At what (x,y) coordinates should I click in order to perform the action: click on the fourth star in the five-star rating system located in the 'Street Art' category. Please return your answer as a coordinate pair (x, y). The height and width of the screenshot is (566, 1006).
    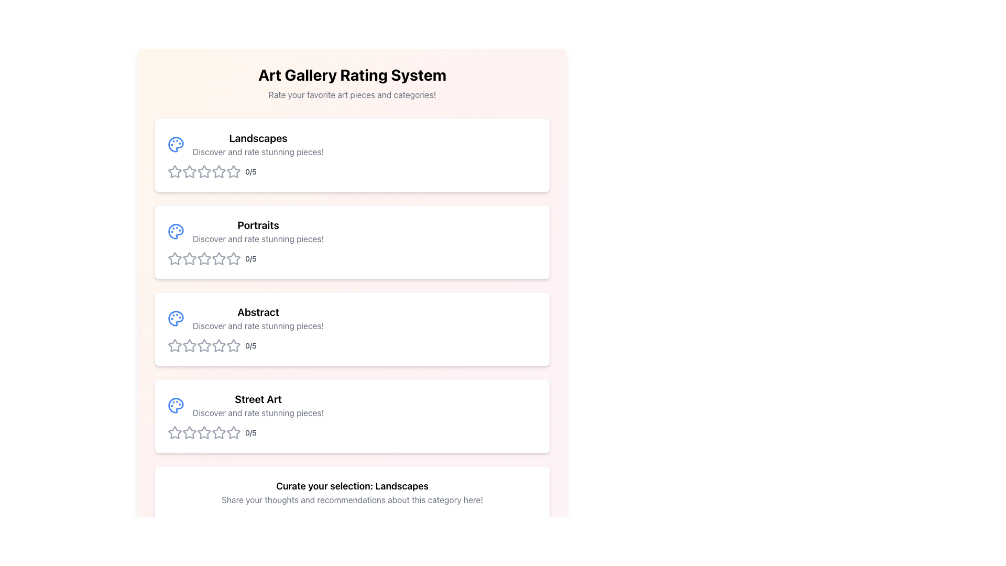
    Looking at the image, I should click on (233, 432).